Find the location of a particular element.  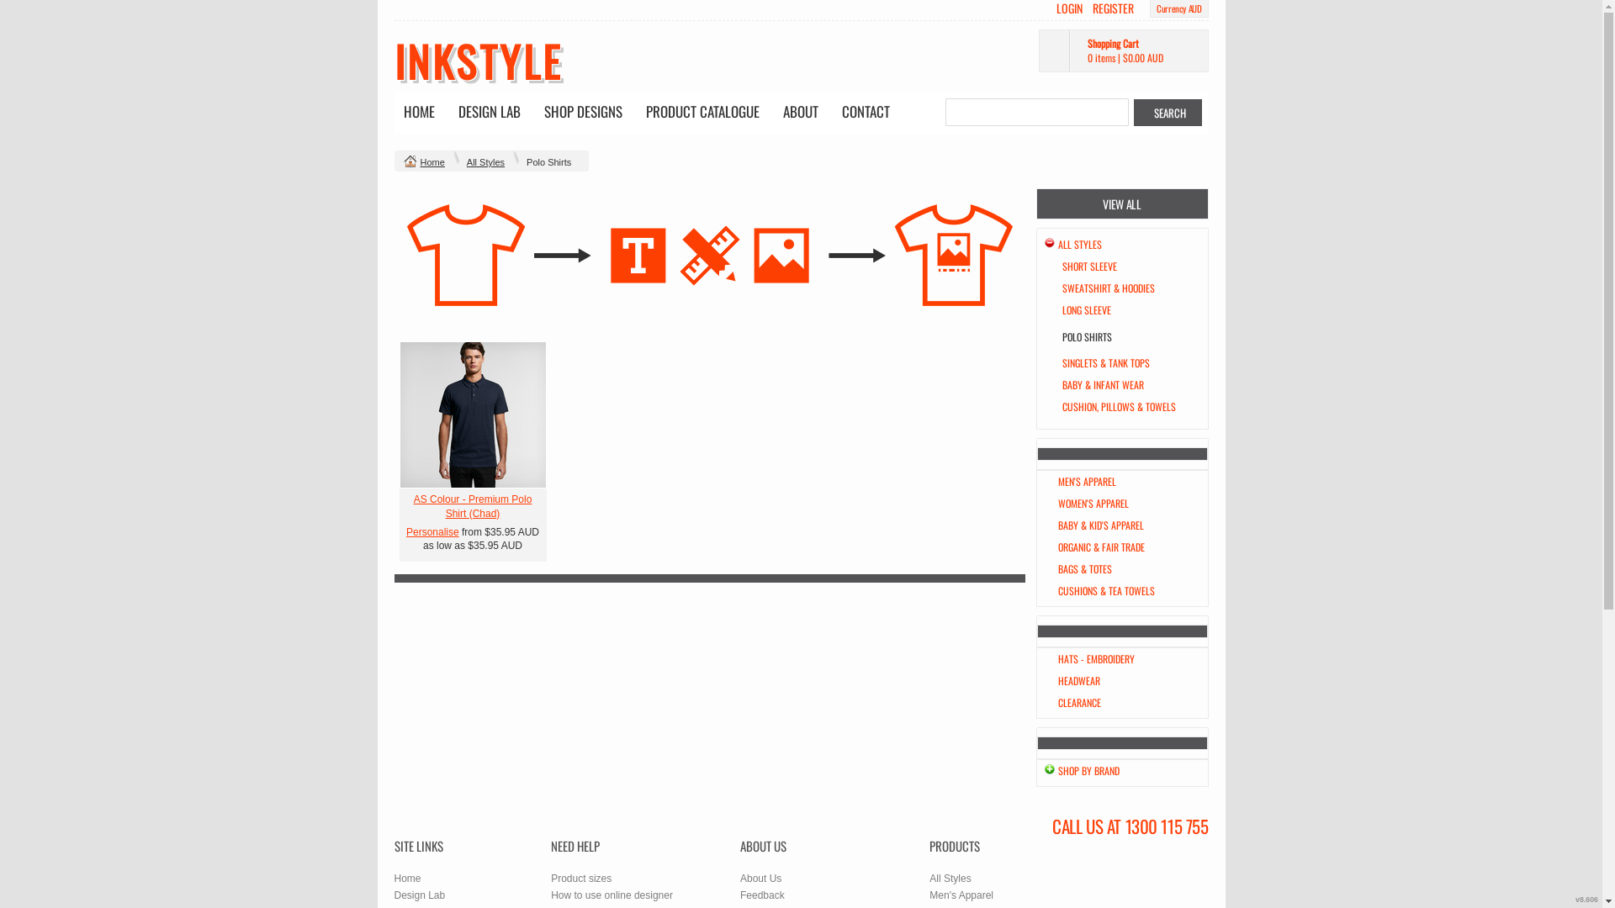

'Product sizes' is located at coordinates (550, 878).